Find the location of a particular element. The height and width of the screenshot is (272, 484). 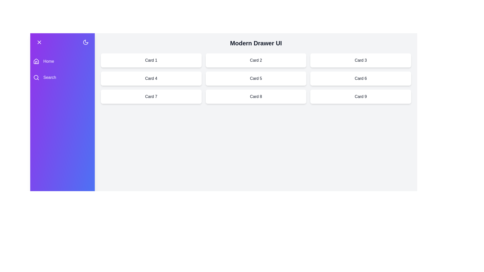

the moon icon to switch to dark mode is located at coordinates (86, 42).